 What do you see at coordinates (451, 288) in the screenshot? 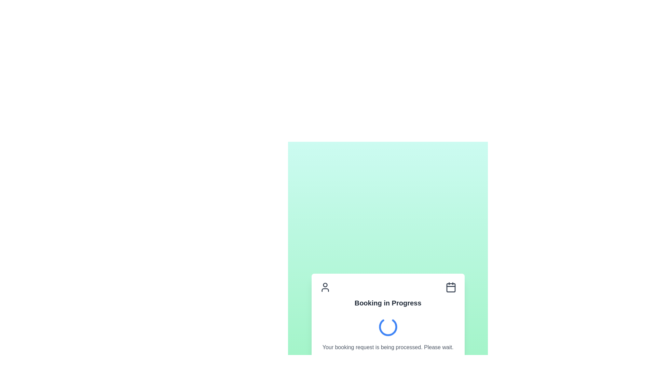
I see `the rounded rectangle icon decoration located in the top-right corner of the card, which is centered within the calendar icon` at bounding box center [451, 288].